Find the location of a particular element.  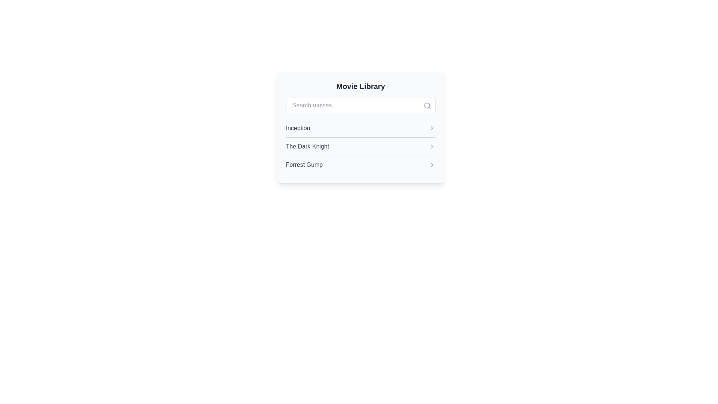

the Chevron Right icon for the 'The Dark Knight' entry in the Movie Library for accessibility purposes is located at coordinates (432, 147).